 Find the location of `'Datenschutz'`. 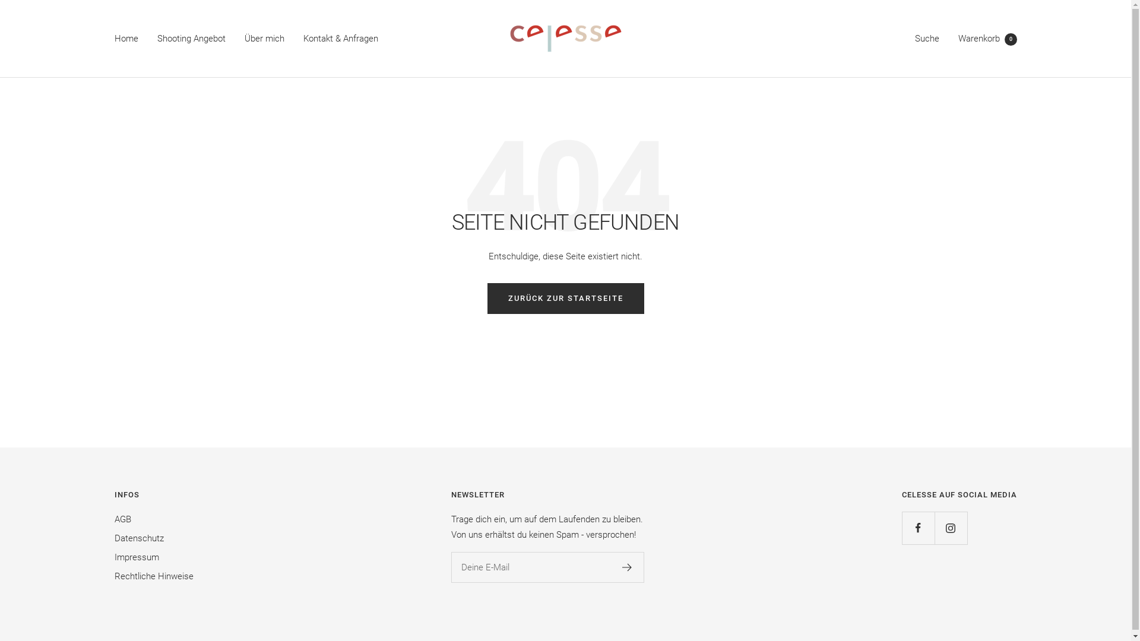

'Datenschutz' is located at coordinates (138, 538).